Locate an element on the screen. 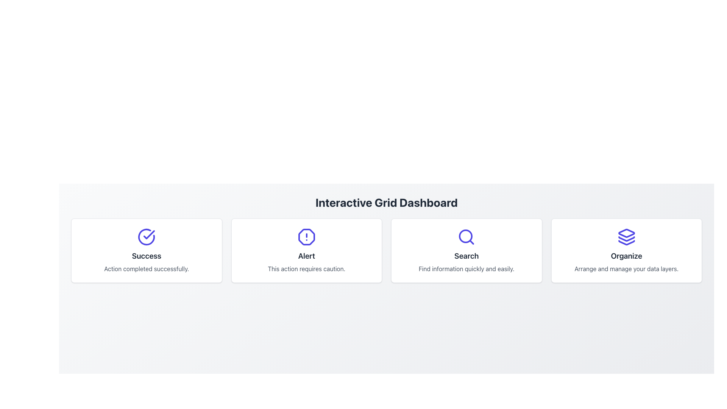 This screenshot has width=727, height=409. the organization icon located in the bottom-right section of the dashboard interface, under the title 'Organize' is located at coordinates (626, 233).